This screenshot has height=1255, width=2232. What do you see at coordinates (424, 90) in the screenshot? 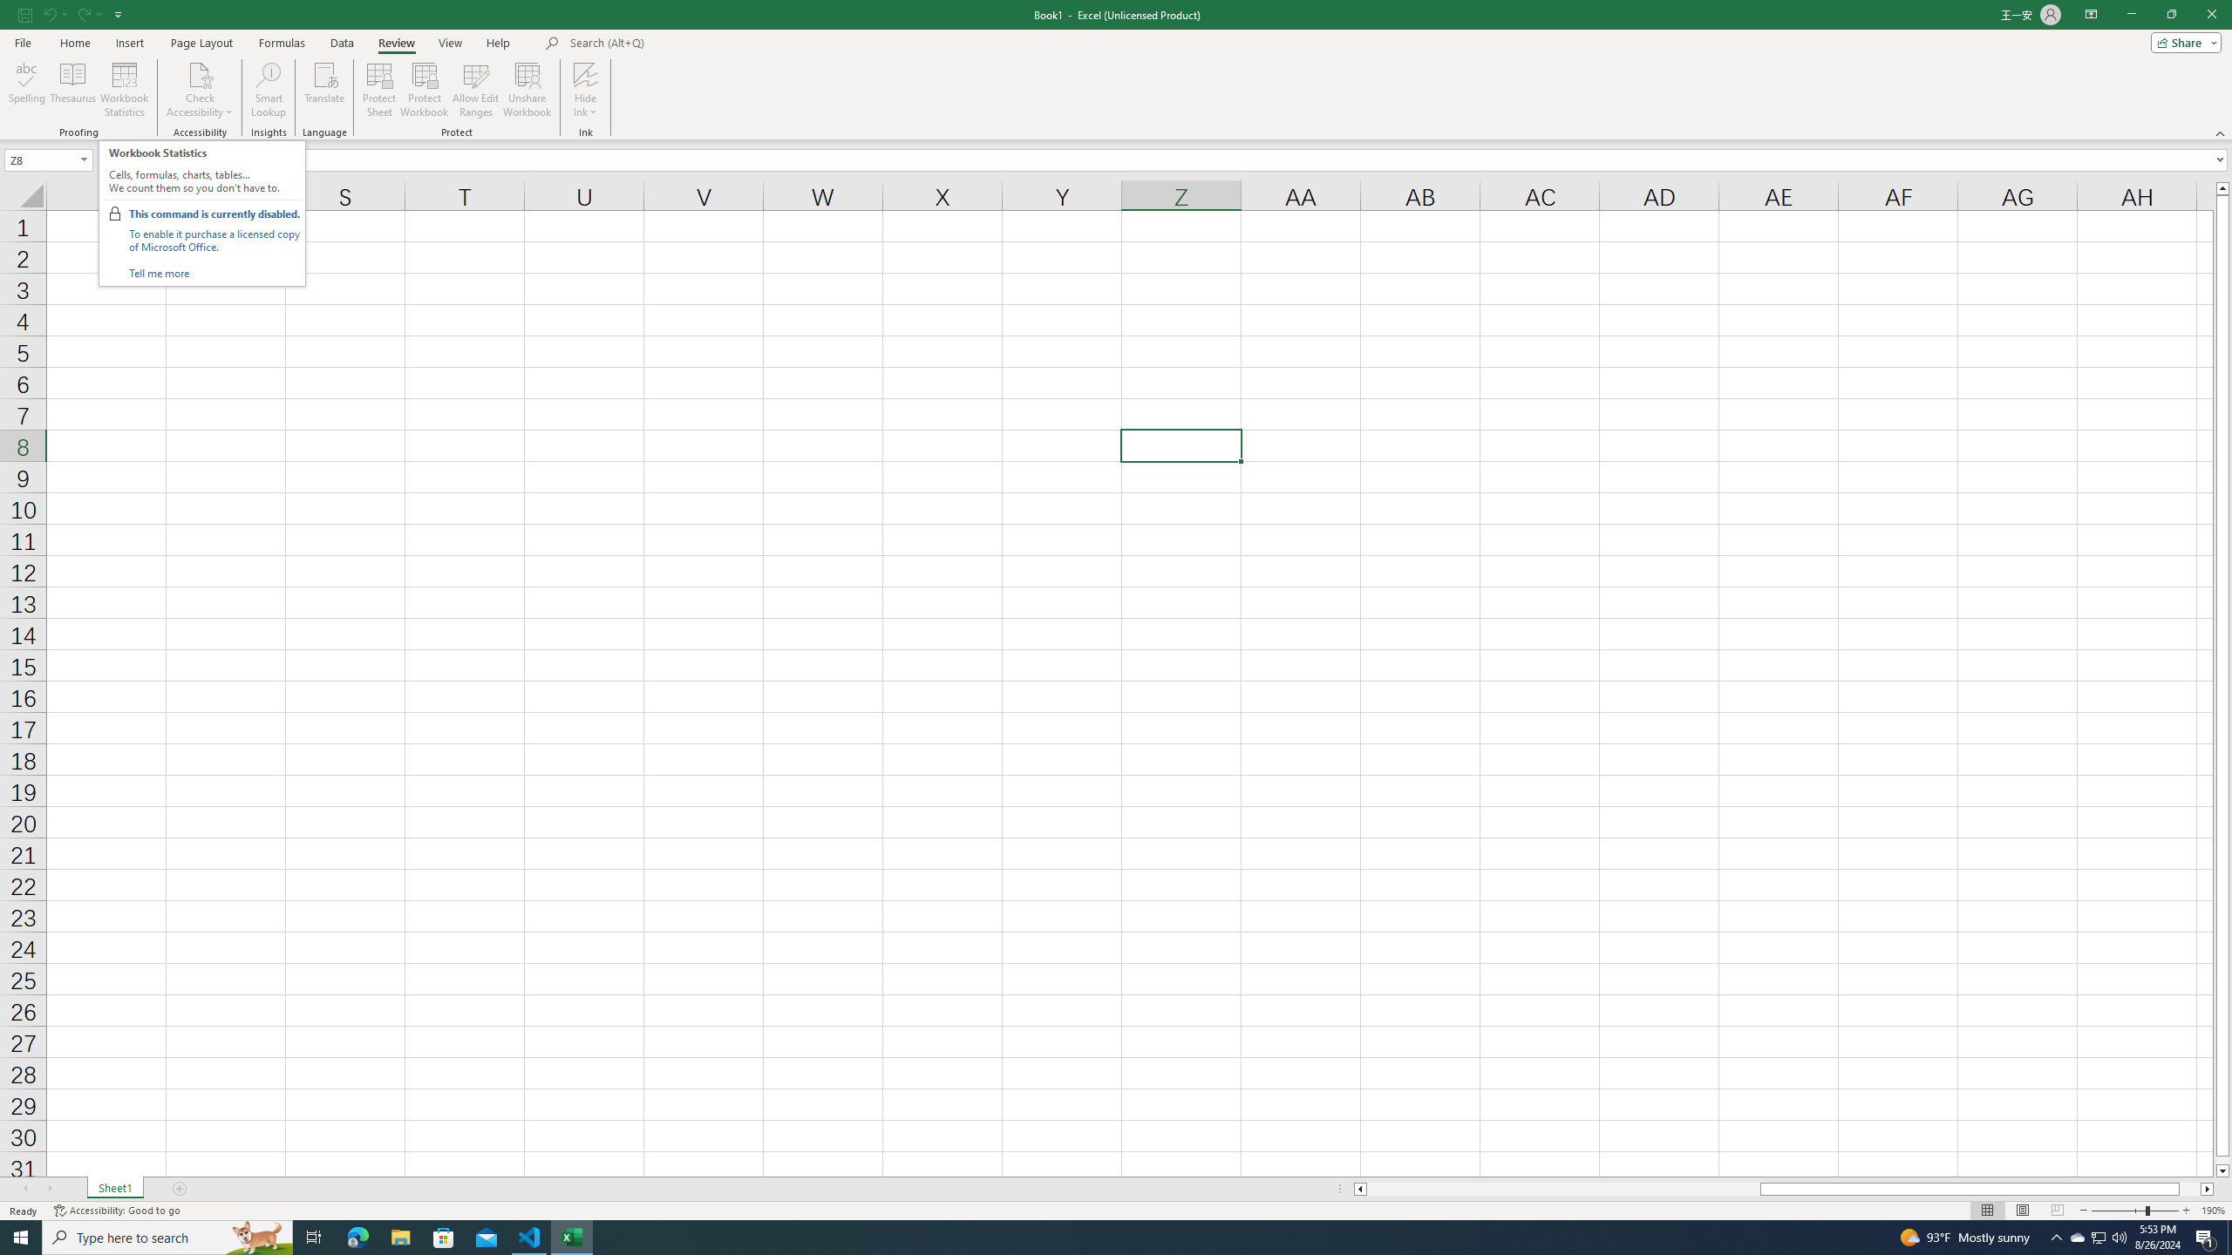
I see `'Protect Workbook...'` at bounding box center [424, 90].